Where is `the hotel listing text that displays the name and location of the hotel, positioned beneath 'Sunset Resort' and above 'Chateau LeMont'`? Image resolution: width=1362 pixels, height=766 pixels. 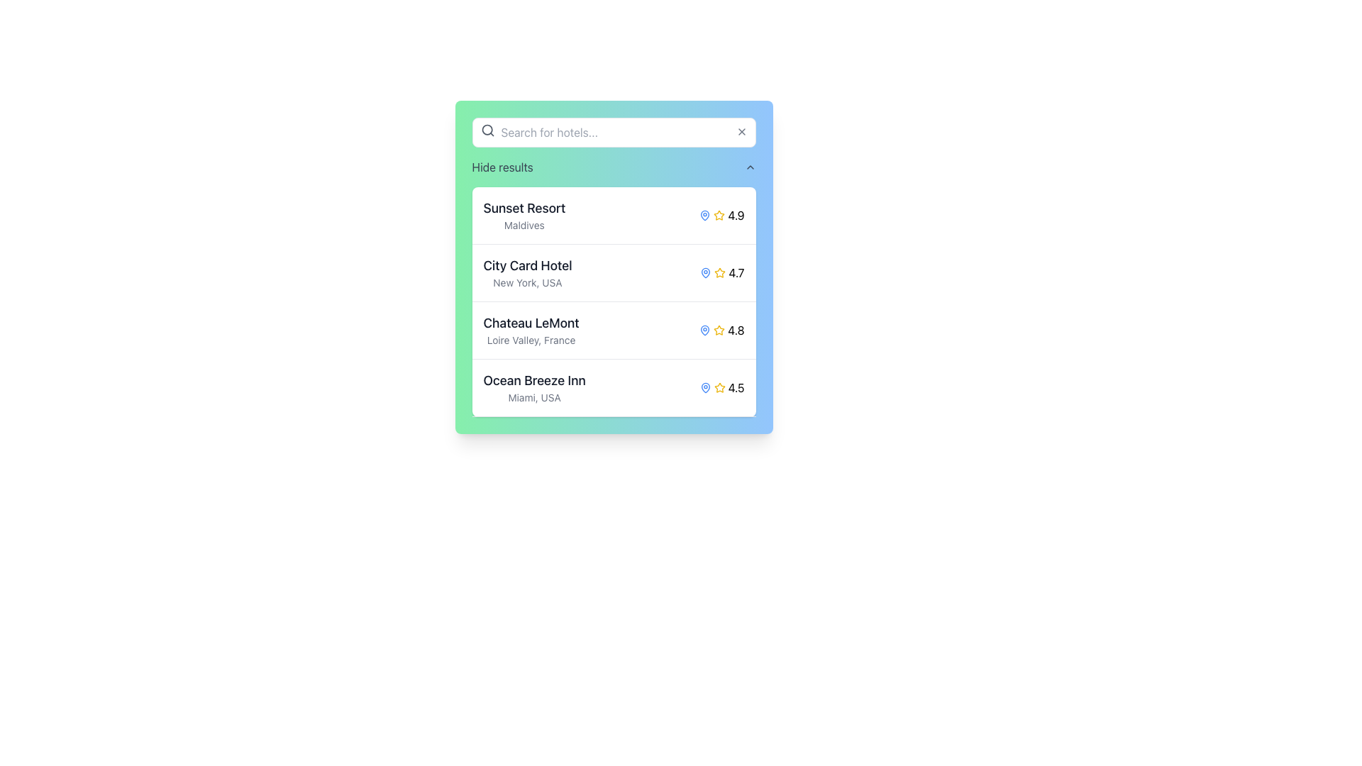
the hotel listing text that displays the name and location of the hotel, positioned beneath 'Sunset Resort' and above 'Chateau LeMont' is located at coordinates (527, 273).